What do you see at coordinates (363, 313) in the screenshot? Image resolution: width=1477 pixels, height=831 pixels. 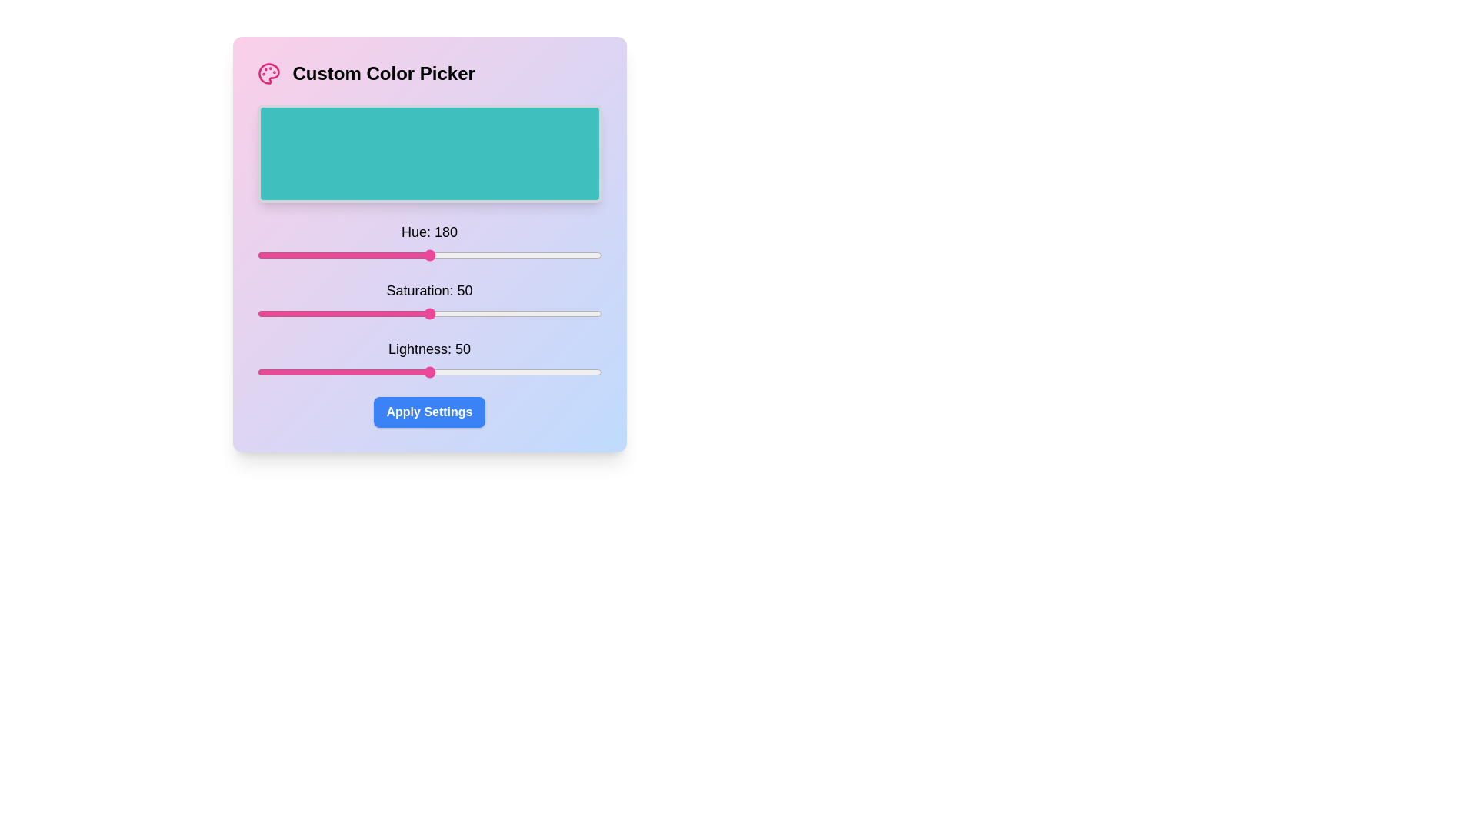 I see `the saturation slider to set the saturation level to 31` at bounding box center [363, 313].